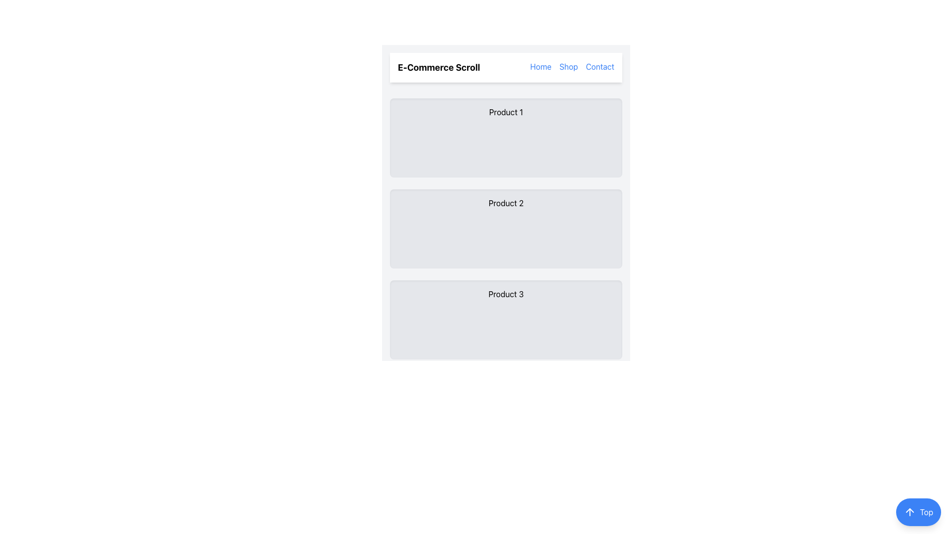 Image resolution: width=949 pixels, height=534 pixels. Describe the element at coordinates (600, 67) in the screenshot. I see `the 'Contact' hyperlink in the top-right header section of the navigation bar` at that location.